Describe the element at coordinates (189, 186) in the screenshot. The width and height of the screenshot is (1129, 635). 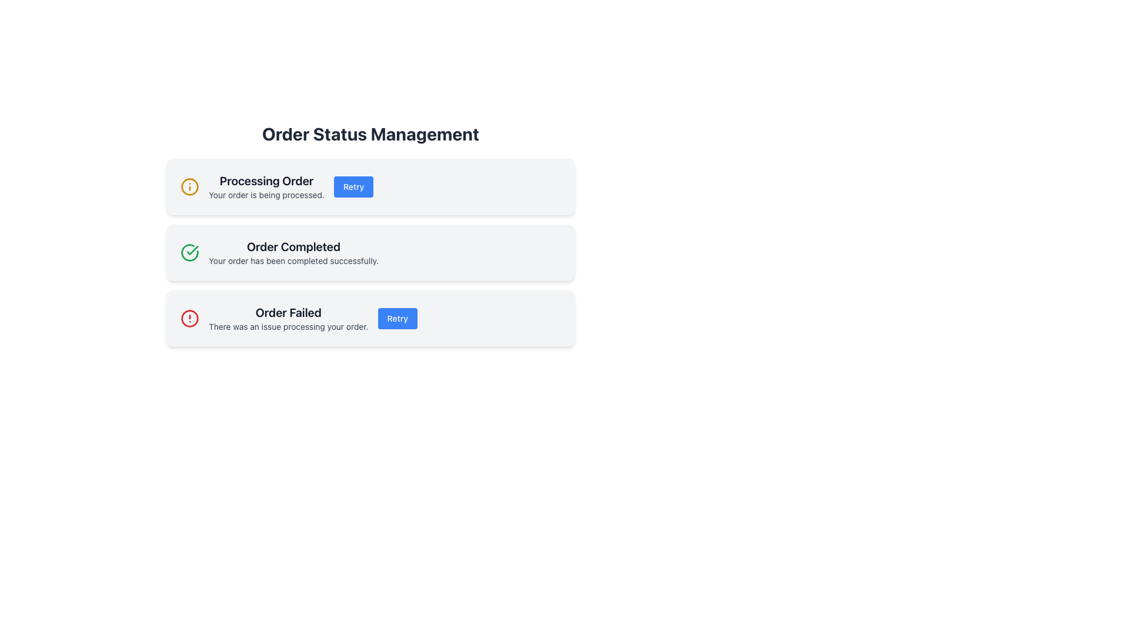
I see `the SVG icon located at the left edge of the first section, adjacent to the title 'Processing Order', which serves as a visual indicator for processing information` at that location.